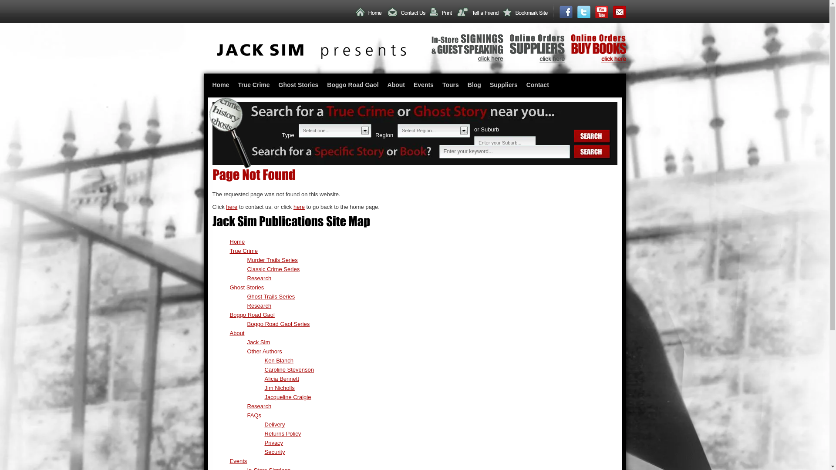 The image size is (836, 470). What do you see at coordinates (592, 137) in the screenshot?
I see `'Search'` at bounding box center [592, 137].